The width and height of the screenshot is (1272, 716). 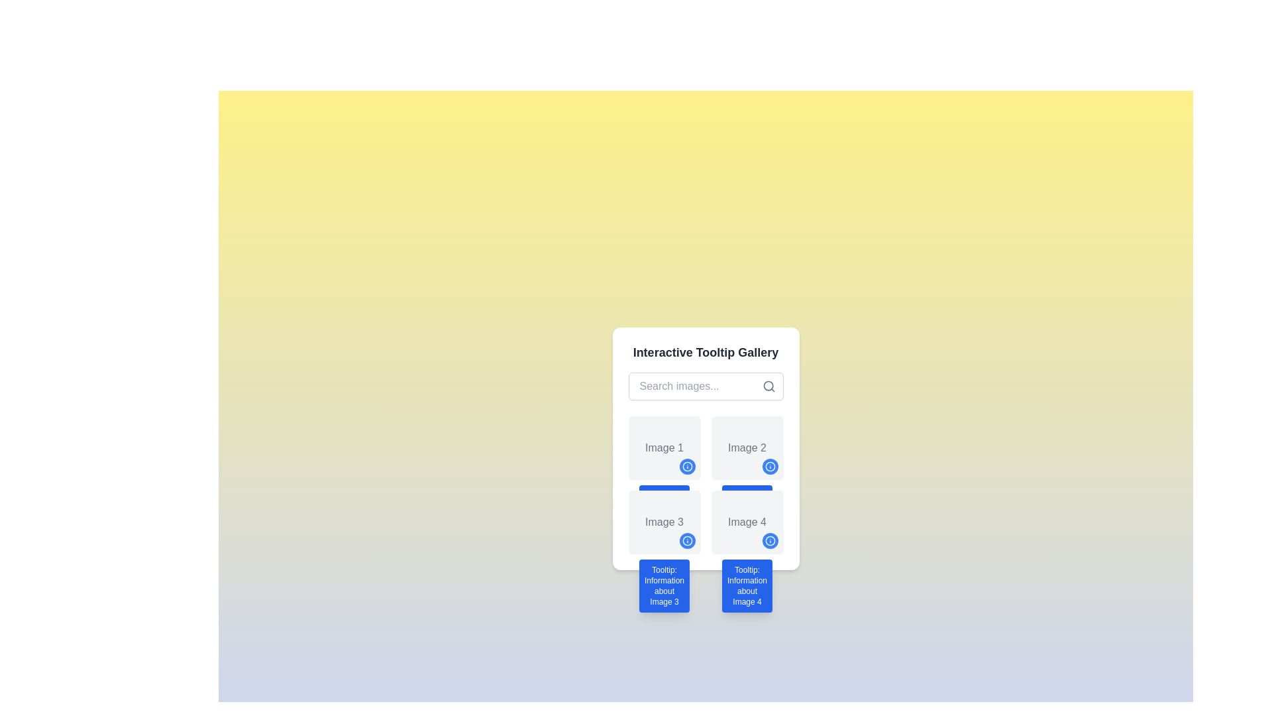 What do you see at coordinates (687, 541) in the screenshot?
I see `the round icon with a lowercase 'i' character, which has a blue background and white foreground, located in the bottom-right section of the card for 'Image 3' in the 'Interactive Tooltip Gallery'` at bounding box center [687, 541].